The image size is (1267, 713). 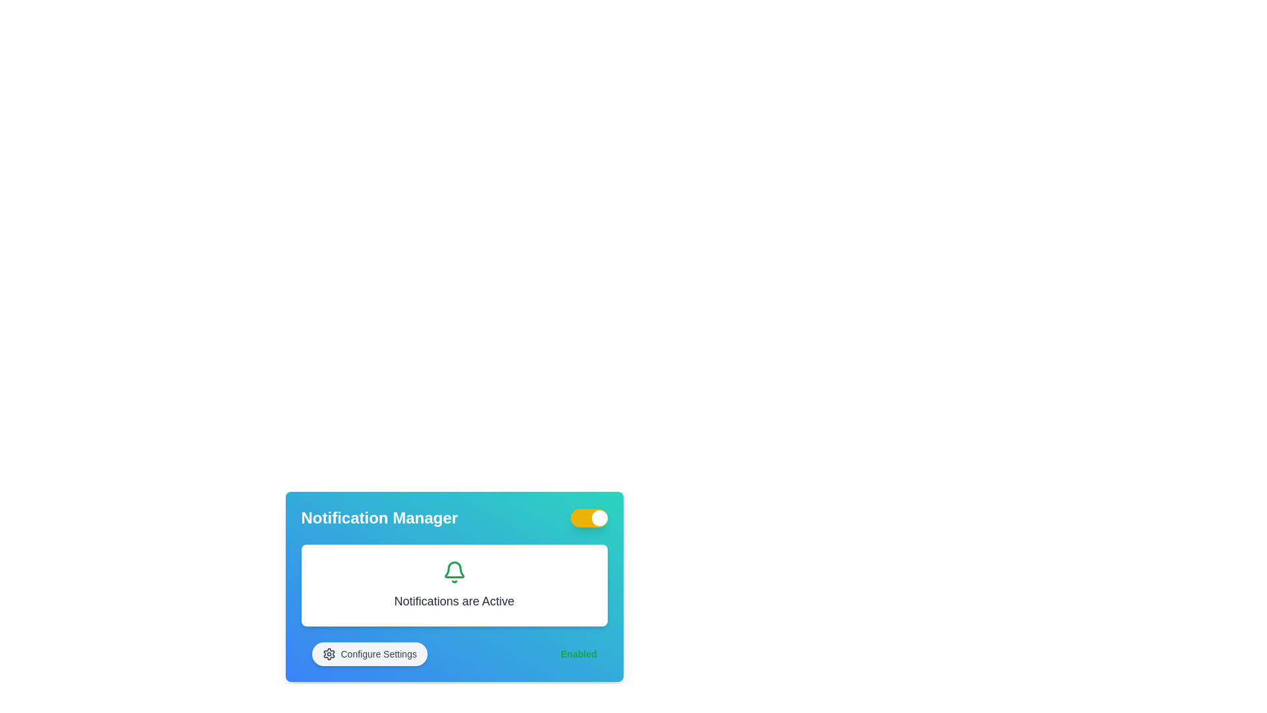 I want to click on the graphical icon component representing the settings feature, which is part of the cogwheel shape located in the lower right quadrant of the main application interface, so click(x=329, y=654).